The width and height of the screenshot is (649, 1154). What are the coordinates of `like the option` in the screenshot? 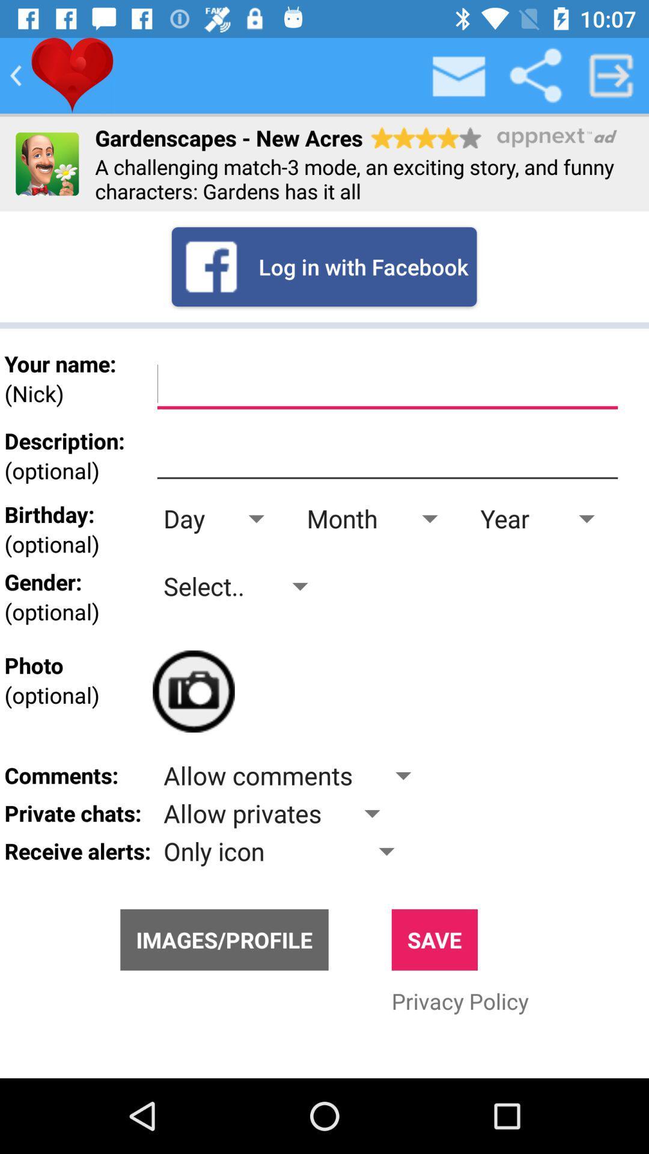 It's located at (72, 75).